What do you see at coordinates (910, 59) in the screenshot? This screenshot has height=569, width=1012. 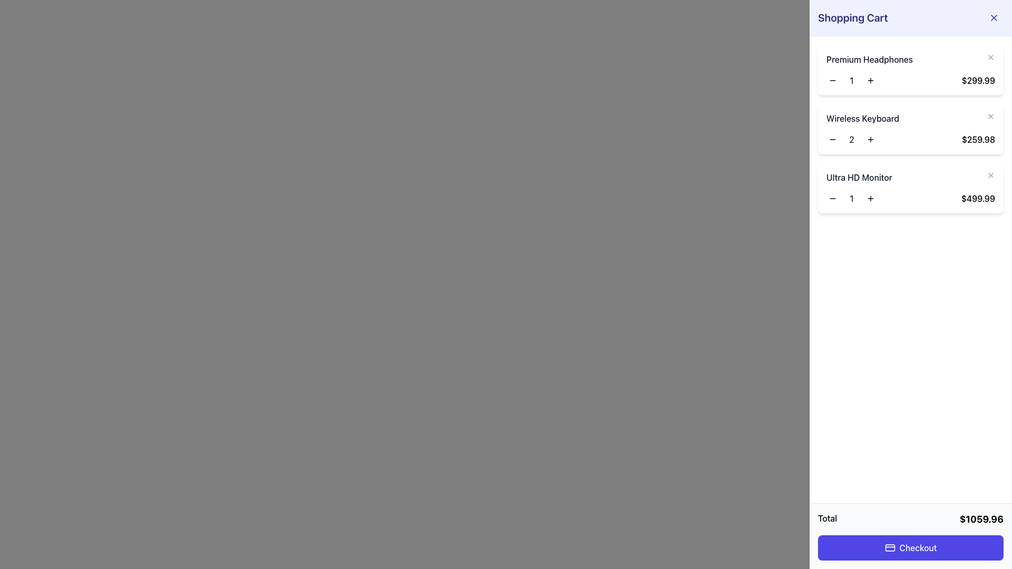 I see `the text label displaying 'Premium Headphones' in the shopping cart, which is positioned above the quantity adjustment controls and price` at bounding box center [910, 59].